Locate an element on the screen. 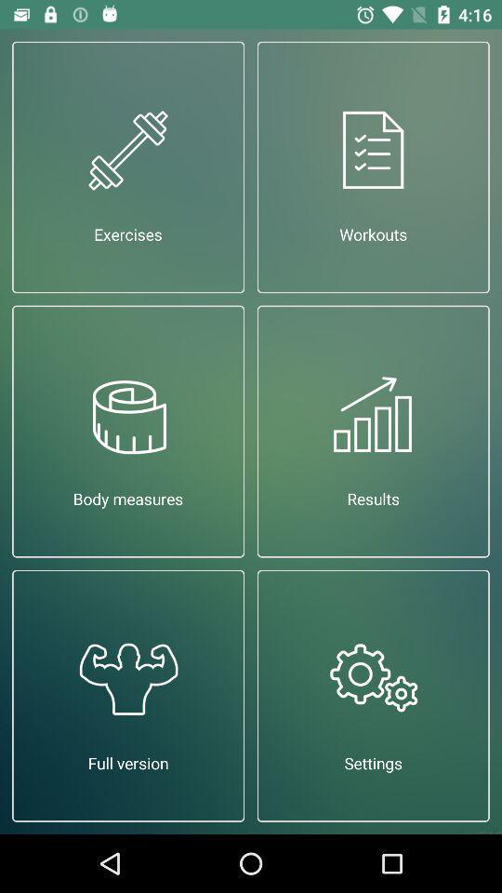  item above the results is located at coordinates (373, 166).